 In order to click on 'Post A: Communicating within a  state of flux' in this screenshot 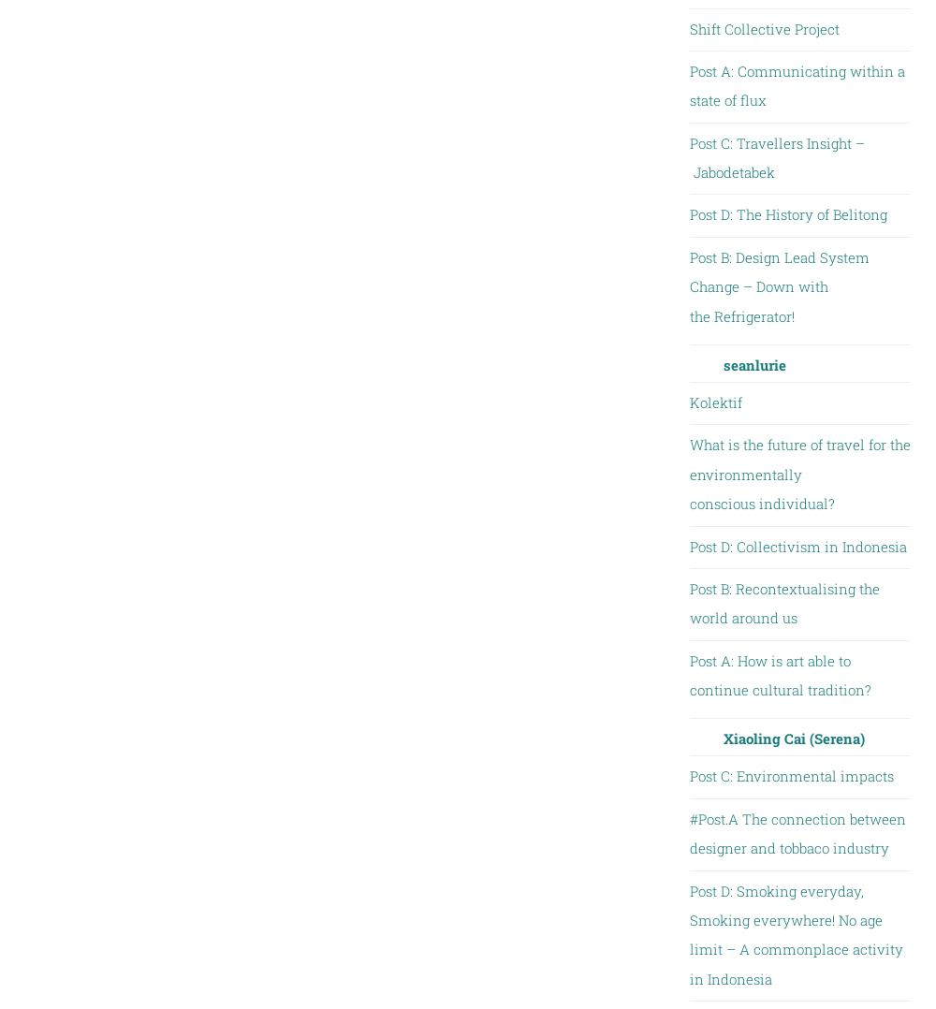, I will do `click(796, 83)`.